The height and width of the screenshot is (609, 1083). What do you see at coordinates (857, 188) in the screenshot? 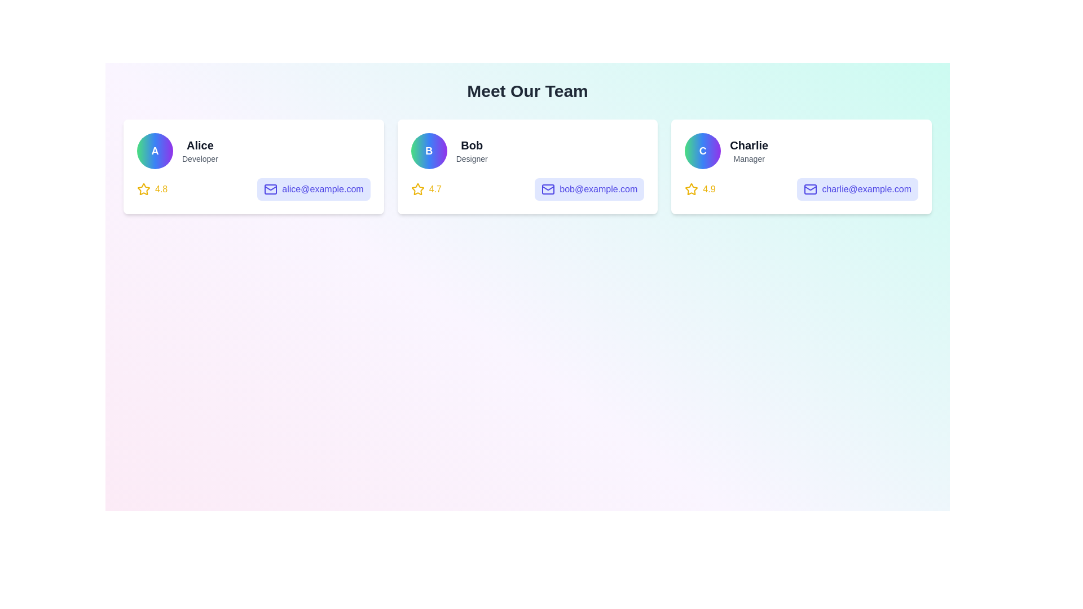
I see `the interactive text element displaying the email address 'charlie@example.com' with an envelope icon, located in the bottom-right corner of the third card from the left` at bounding box center [857, 188].